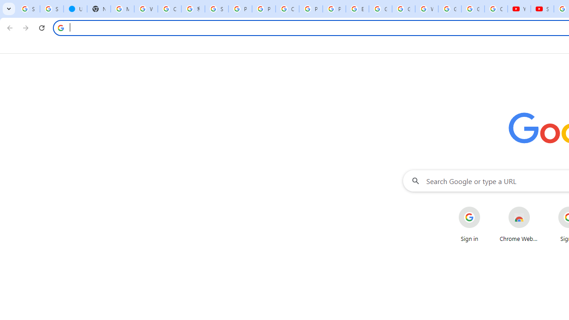 This screenshot has width=569, height=320. Describe the element at coordinates (75, 9) in the screenshot. I see `'USA TODAY'` at that location.